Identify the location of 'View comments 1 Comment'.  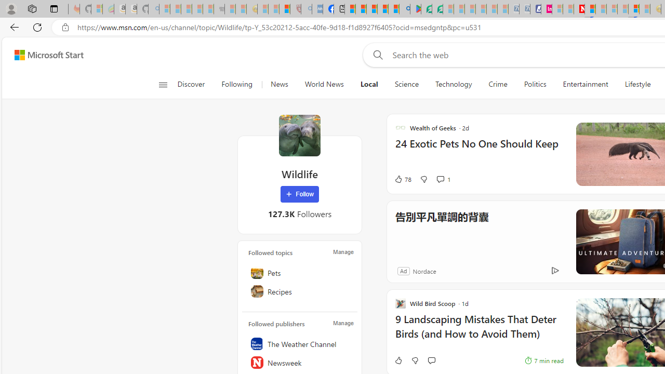
(443, 179).